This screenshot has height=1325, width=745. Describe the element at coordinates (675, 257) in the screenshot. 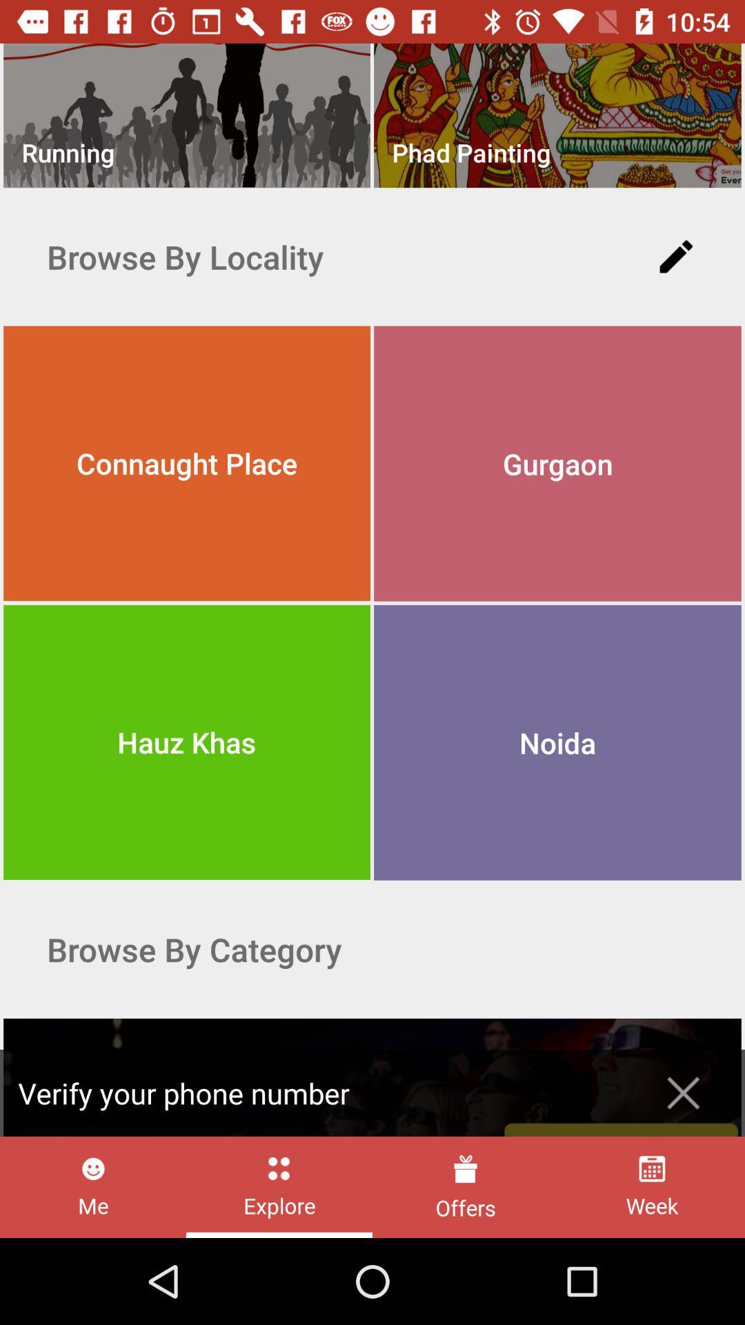

I see `the item next to the browse by locality` at that location.